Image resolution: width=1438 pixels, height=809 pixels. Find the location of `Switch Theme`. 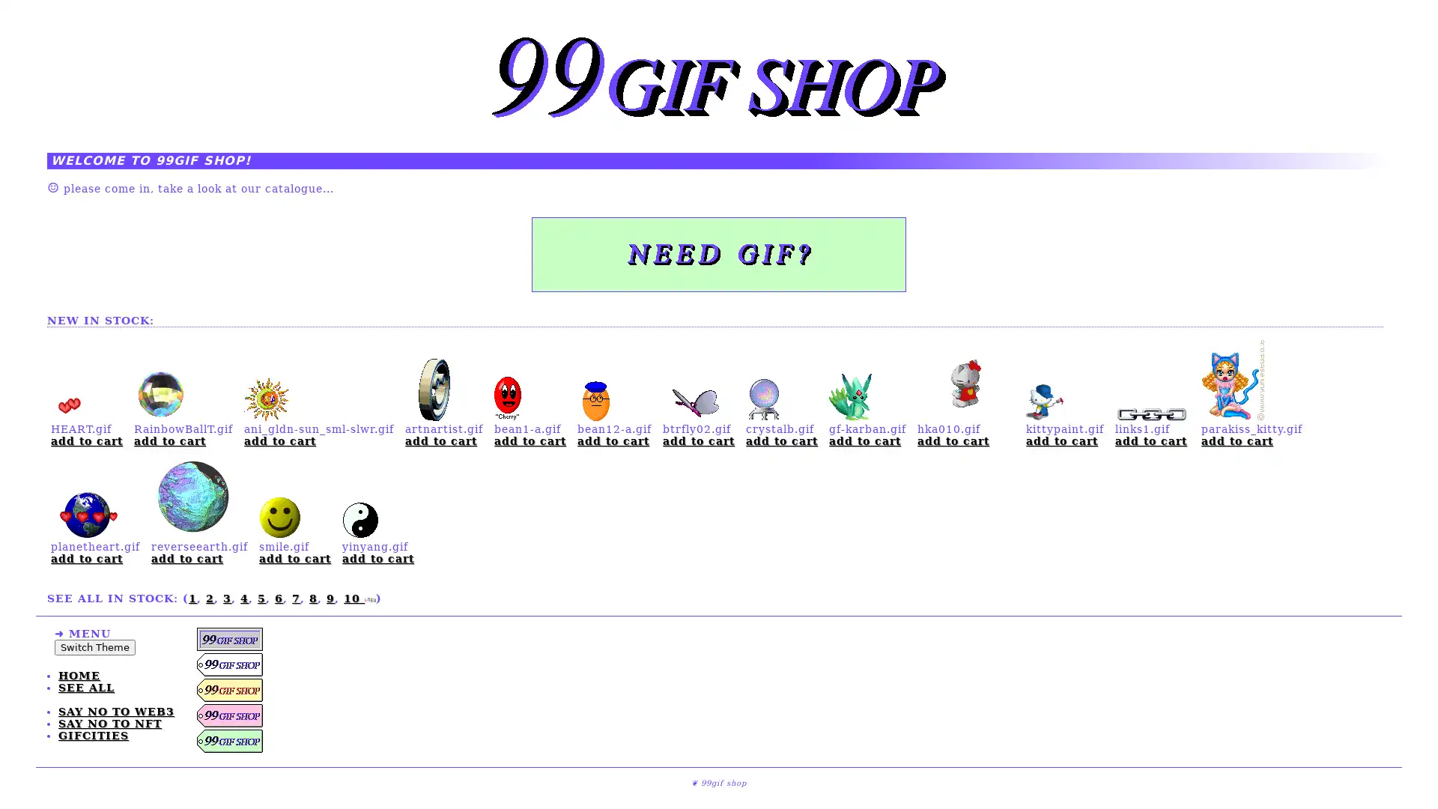

Switch Theme is located at coordinates (94, 646).